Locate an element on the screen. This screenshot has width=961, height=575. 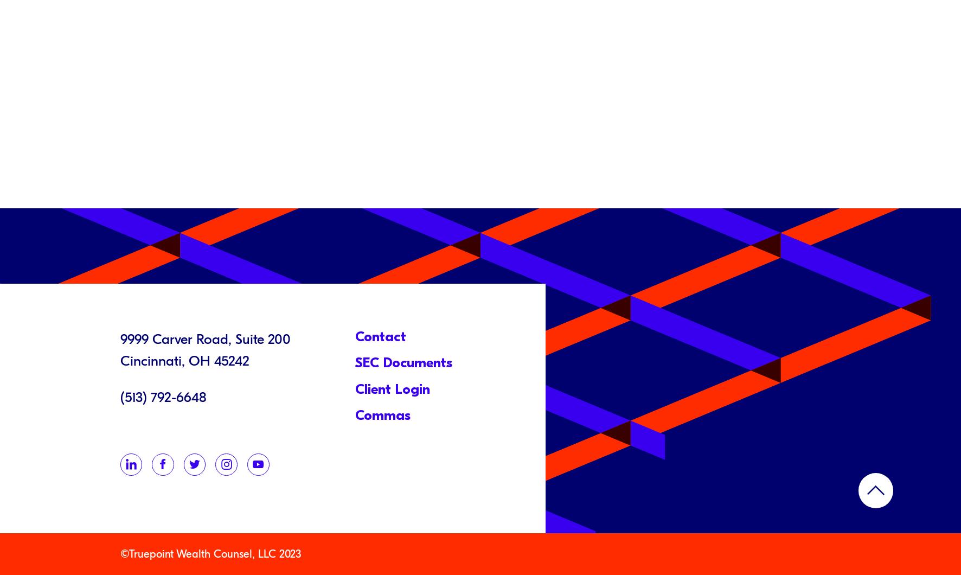
'SEC Documents' is located at coordinates (403, 362).